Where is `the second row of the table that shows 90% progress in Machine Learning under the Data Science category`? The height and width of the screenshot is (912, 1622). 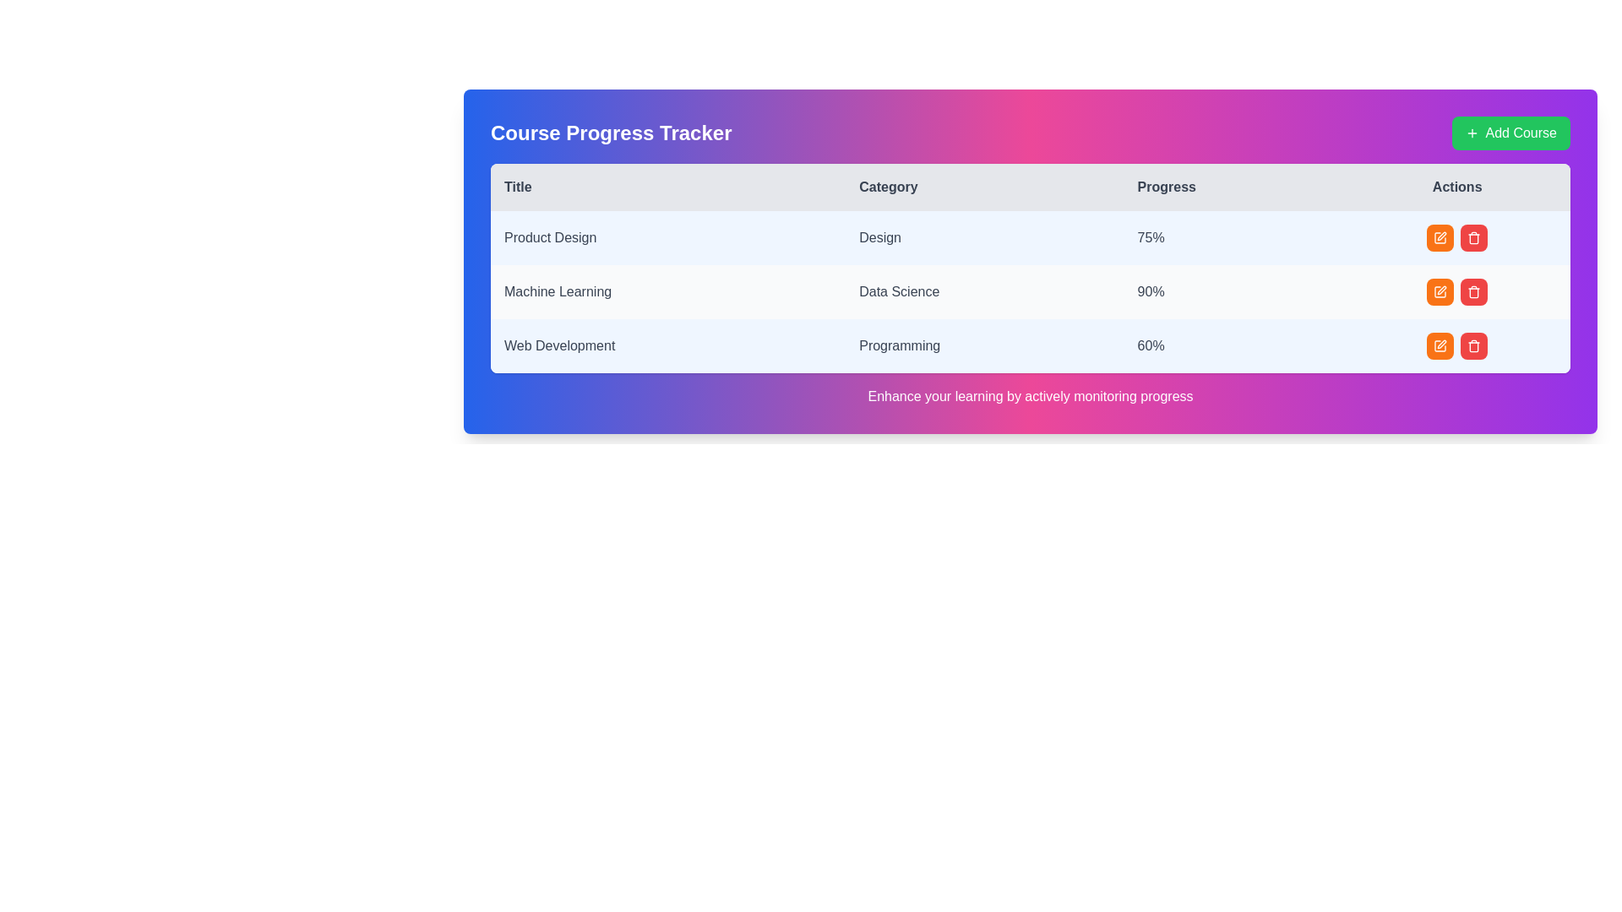 the second row of the table that shows 90% progress in Machine Learning under the Data Science category is located at coordinates (1029, 291).